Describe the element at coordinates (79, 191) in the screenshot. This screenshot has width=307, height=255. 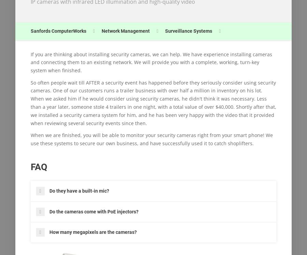
I see `'Do they have a built-in mic?'` at that location.